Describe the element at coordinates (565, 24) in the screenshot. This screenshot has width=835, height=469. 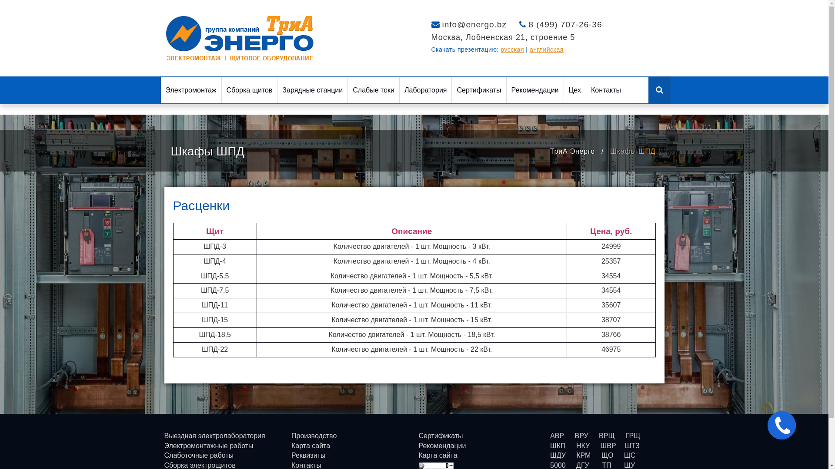
I see `'8 (499) 707-26-36'` at that location.